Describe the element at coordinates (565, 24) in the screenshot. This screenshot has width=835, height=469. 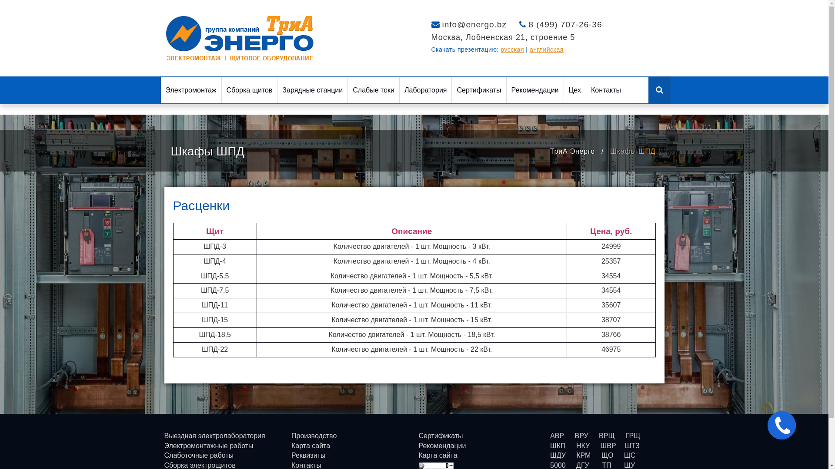
I see `'8 (499) 707-26-36'` at that location.